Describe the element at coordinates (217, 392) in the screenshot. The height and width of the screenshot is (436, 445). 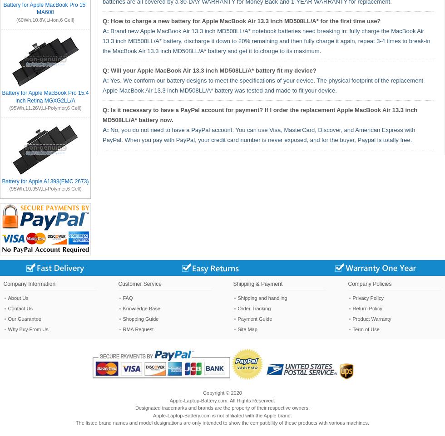
I see `'Copyright ©'` at that location.